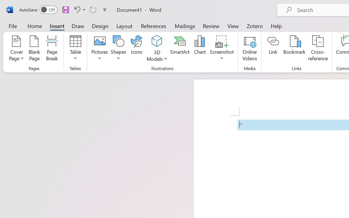  I want to click on 'Online Videos...', so click(249, 49).